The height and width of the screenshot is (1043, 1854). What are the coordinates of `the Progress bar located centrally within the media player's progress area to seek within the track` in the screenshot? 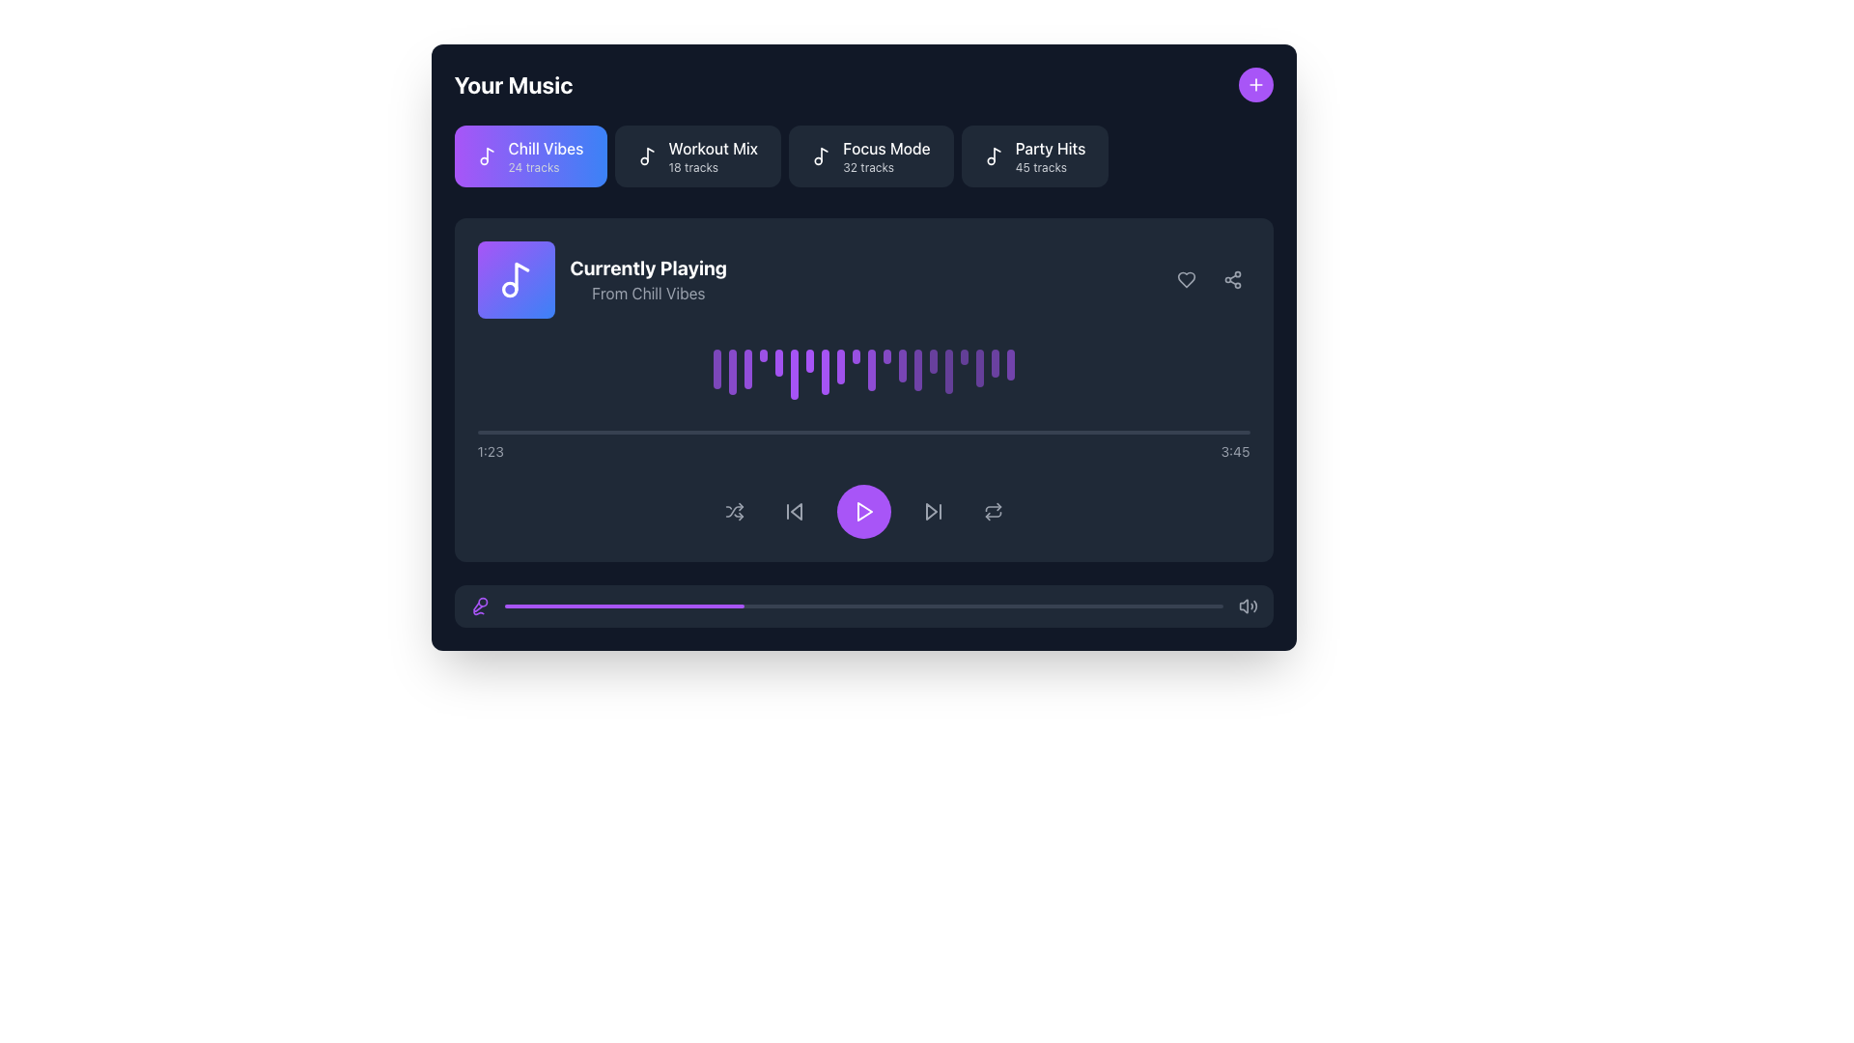 It's located at (862, 432).